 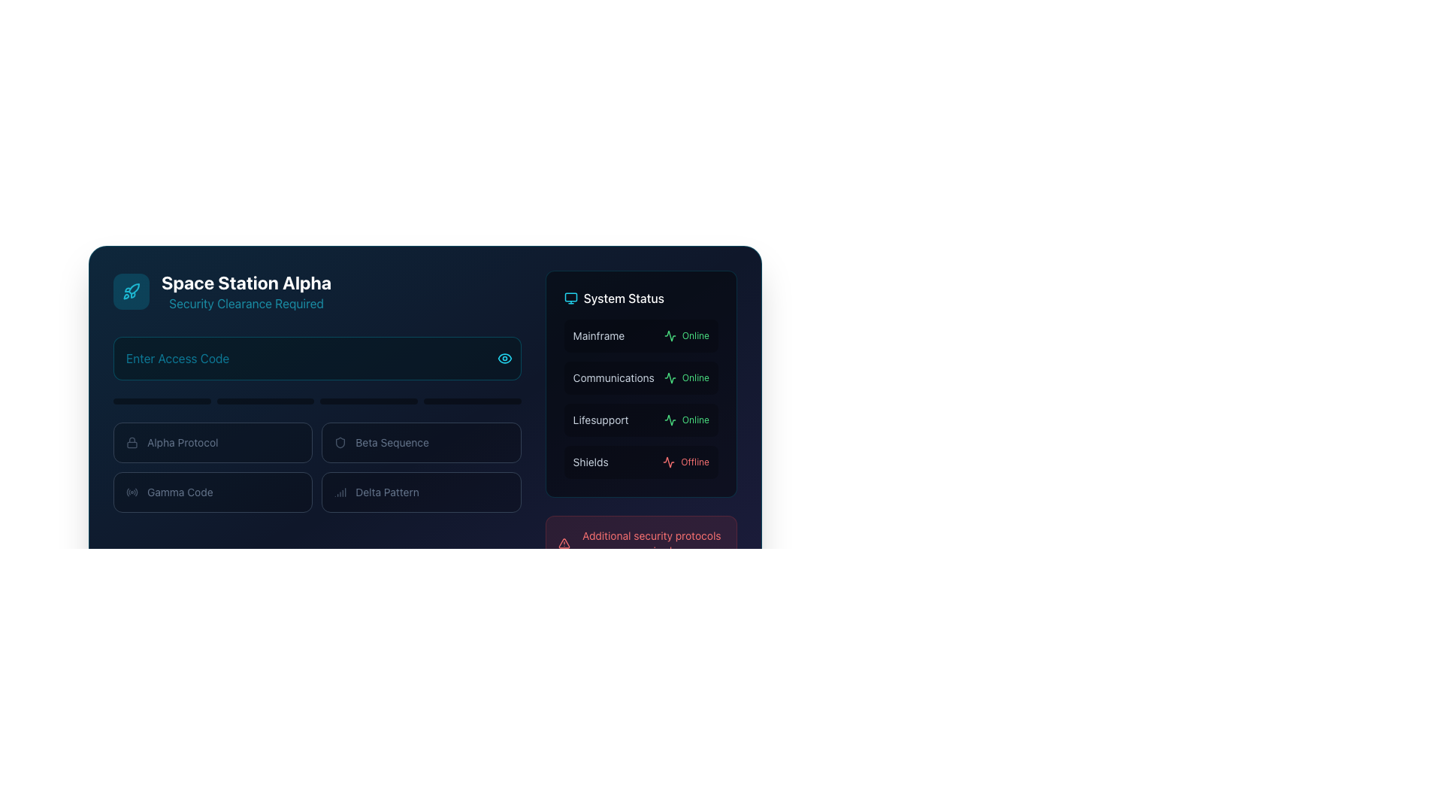 I want to click on the active status icon of the 'Communications' system located in the 'System Status' section, next to the 'Communications' label, so click(x=669, y=335).